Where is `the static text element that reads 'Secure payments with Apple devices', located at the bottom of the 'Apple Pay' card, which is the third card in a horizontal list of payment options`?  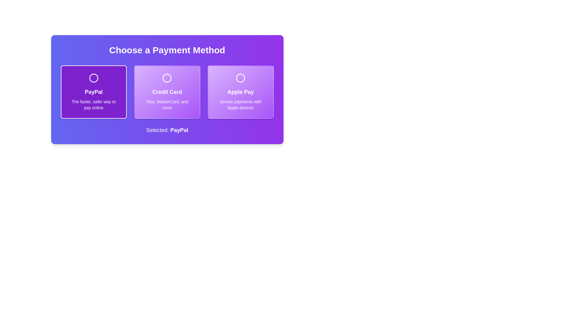
the static text element that reads 'Secure payments with Apple devices', located at the bottom of the 'Apple Pay' card, which is the third card in a horizontal list of payment options is located at coordinates (240, 104).